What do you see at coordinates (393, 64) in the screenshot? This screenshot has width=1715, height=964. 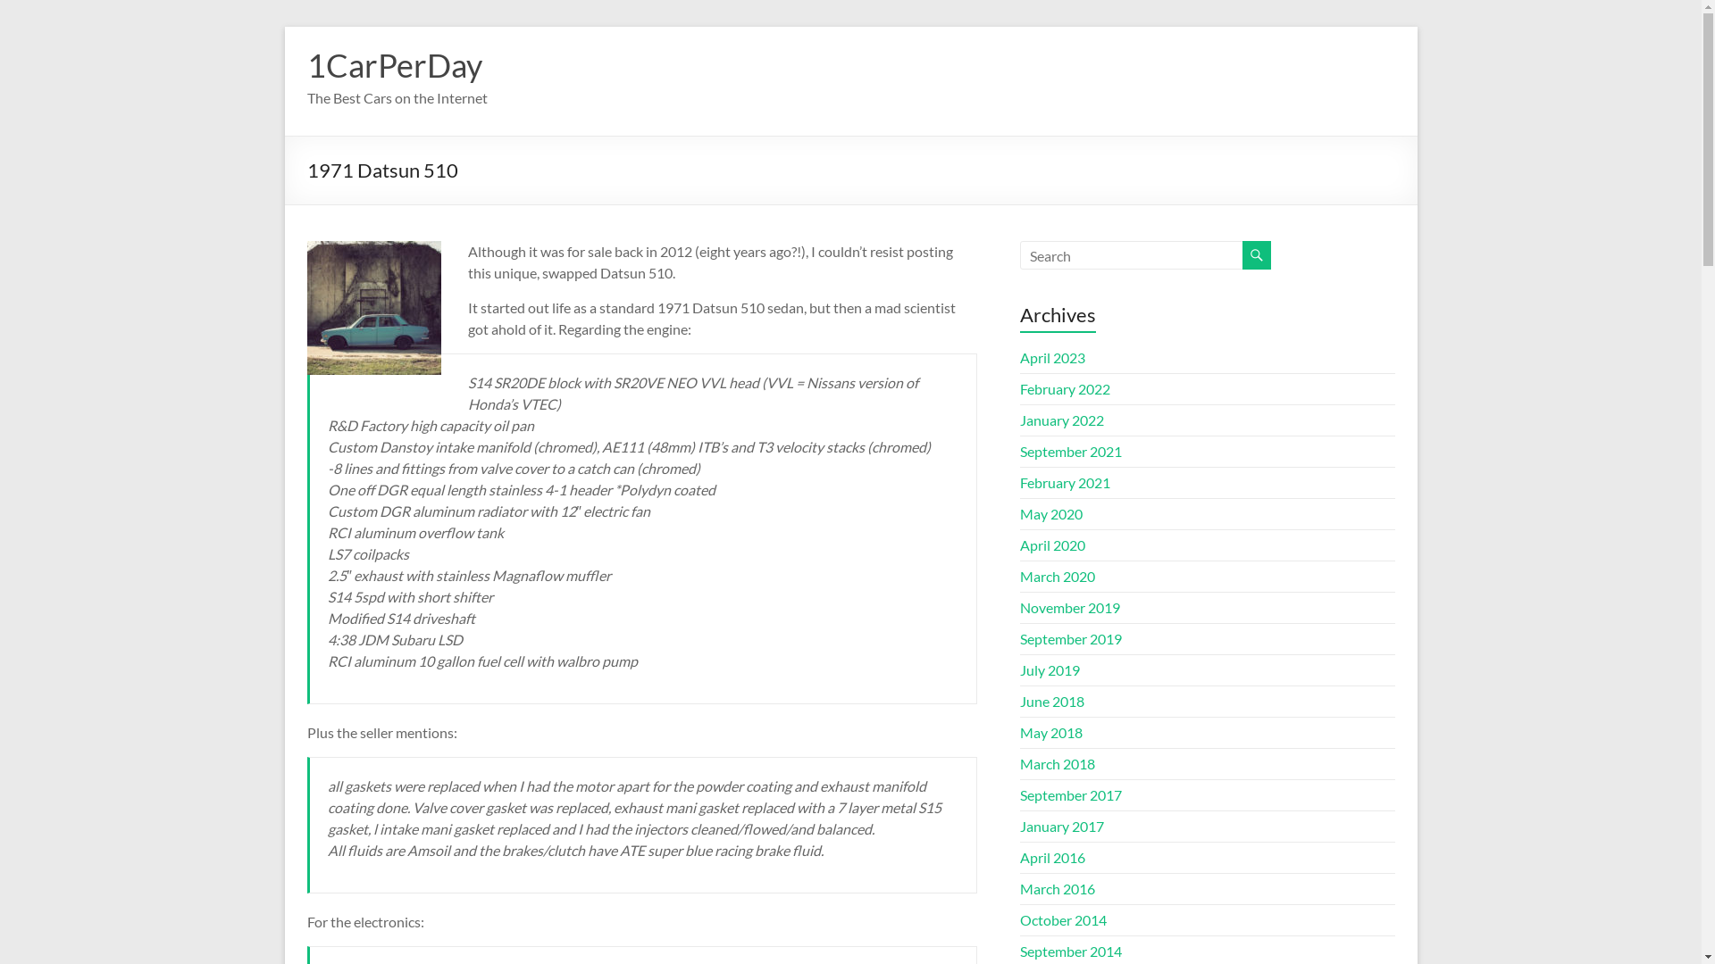 I see `'1CarPerDay'` at bounding box center [393, 64].